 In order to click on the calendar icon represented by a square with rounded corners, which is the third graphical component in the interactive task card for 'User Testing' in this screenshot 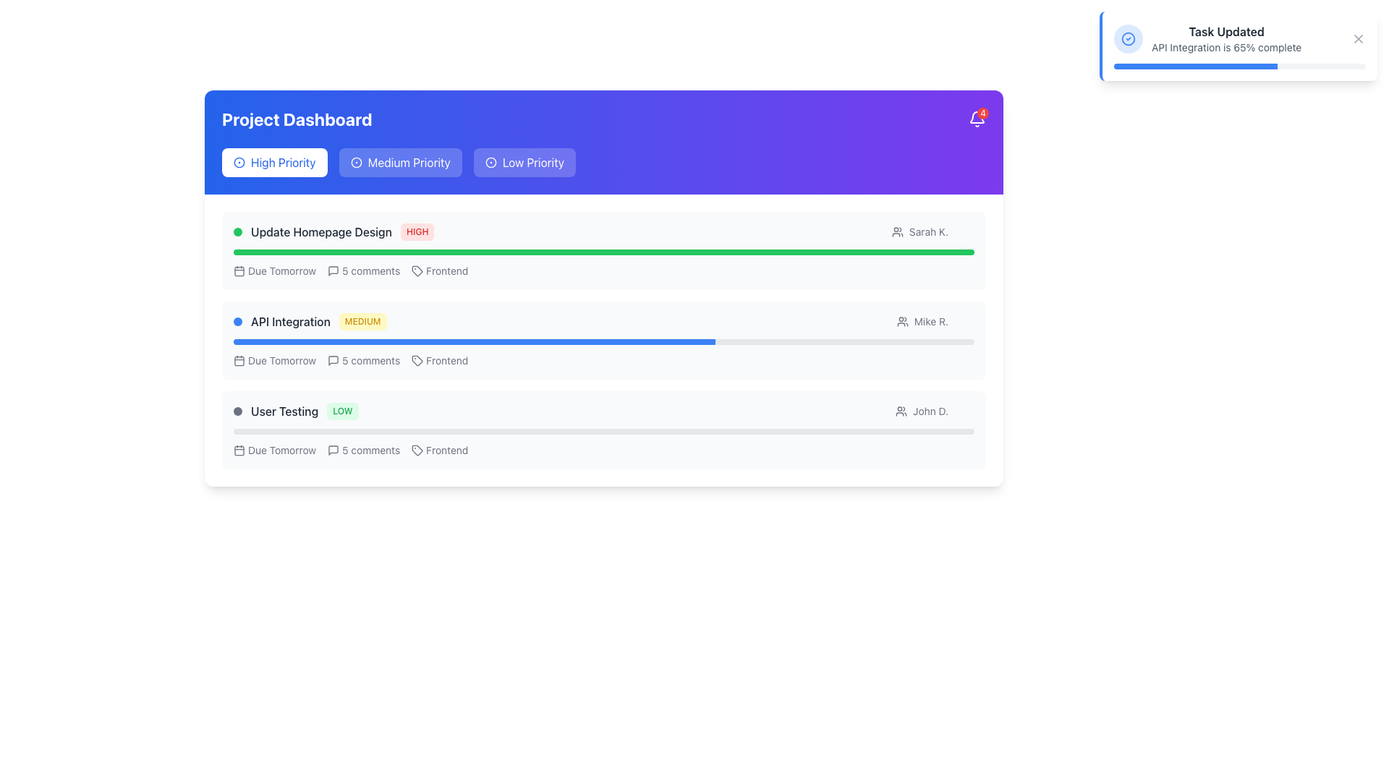, I will do `click(239, 450)`.